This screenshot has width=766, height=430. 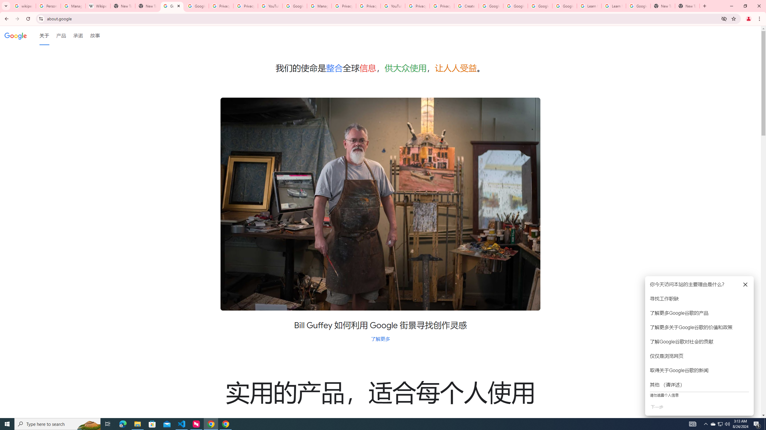 What do you see at coordinates (98, 6) in the screenshot?
I see `'Wikipedia:Edit requests - Wikipedia'` at bounding box center [98, 6].